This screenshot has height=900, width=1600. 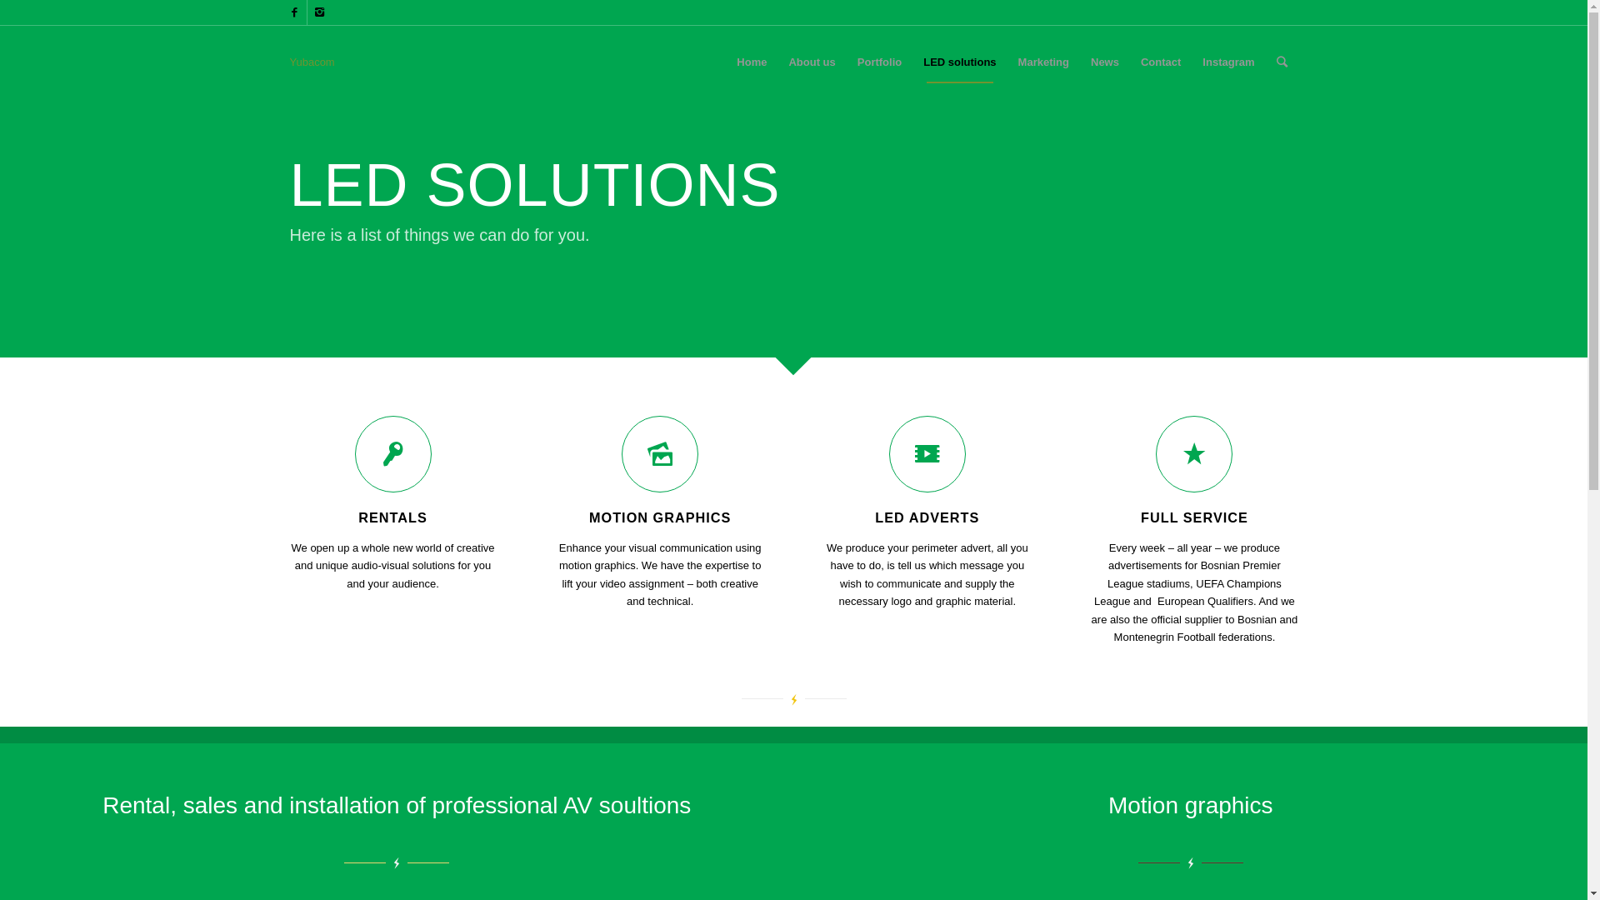 What do you see at coordinates (812, 61) in the screenshot?
I see `'About us'` at bounding box center [812, 61].